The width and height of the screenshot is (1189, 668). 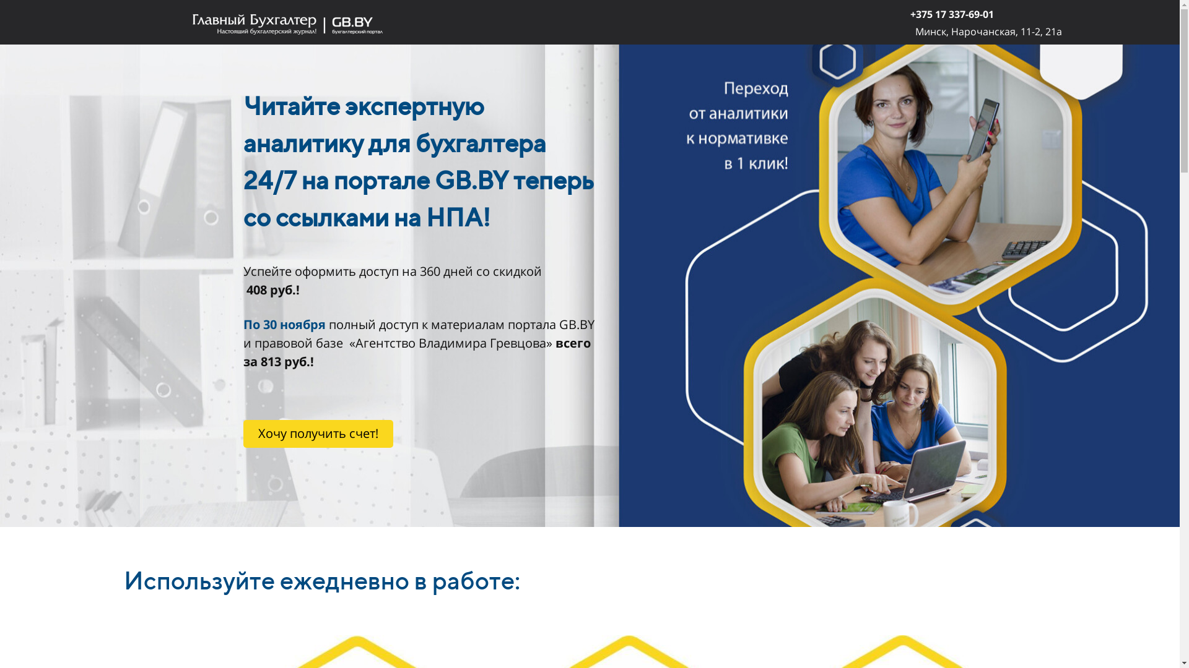 What do you see at coordinates (910, 14) in the screenshot?
I see `'+375 17 337-69-01'` at bounding box center [910, 14].